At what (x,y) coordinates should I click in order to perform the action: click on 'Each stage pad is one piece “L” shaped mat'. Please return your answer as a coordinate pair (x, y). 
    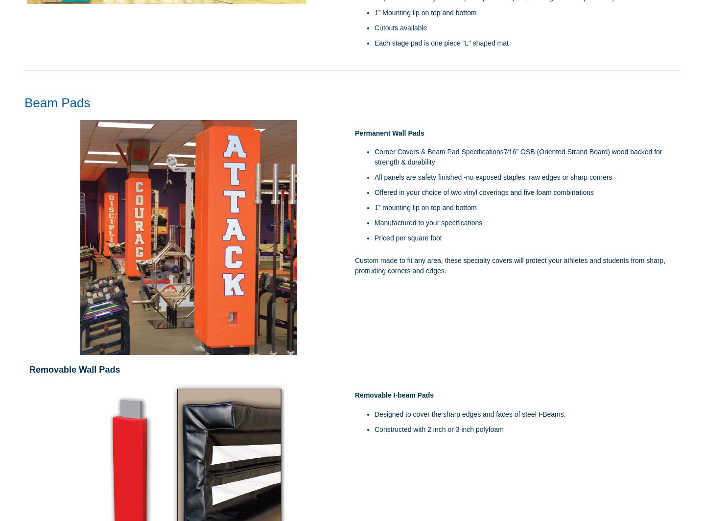
    Looking at the image, I should click on (441, 43).